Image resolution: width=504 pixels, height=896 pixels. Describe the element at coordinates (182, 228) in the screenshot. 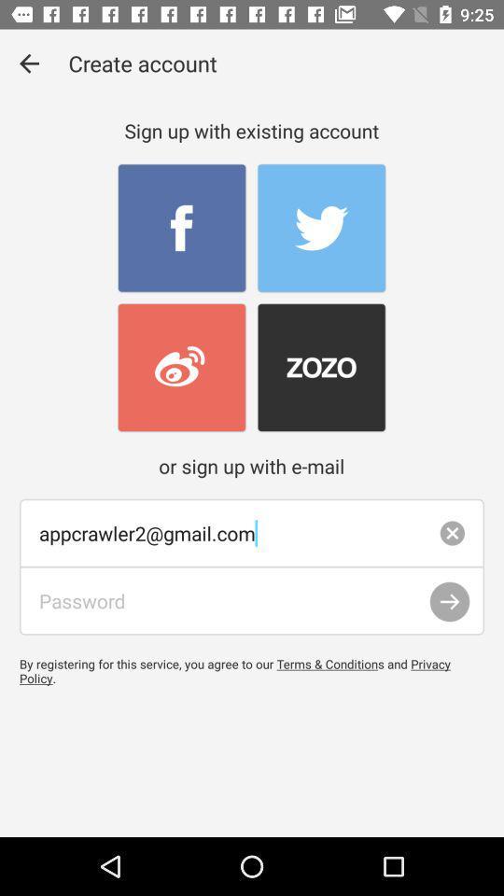

I see `facebook sign-in` at that location.